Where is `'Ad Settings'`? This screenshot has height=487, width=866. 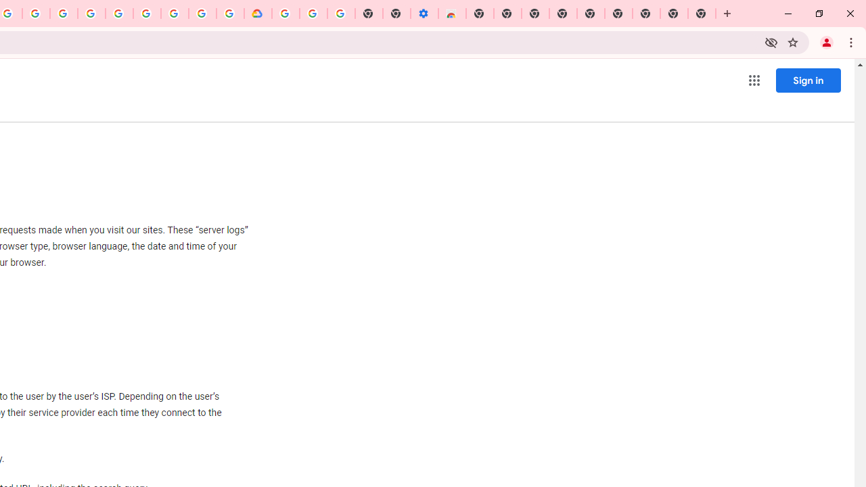
'Ad Settings' is located at coordinates (91, 14).